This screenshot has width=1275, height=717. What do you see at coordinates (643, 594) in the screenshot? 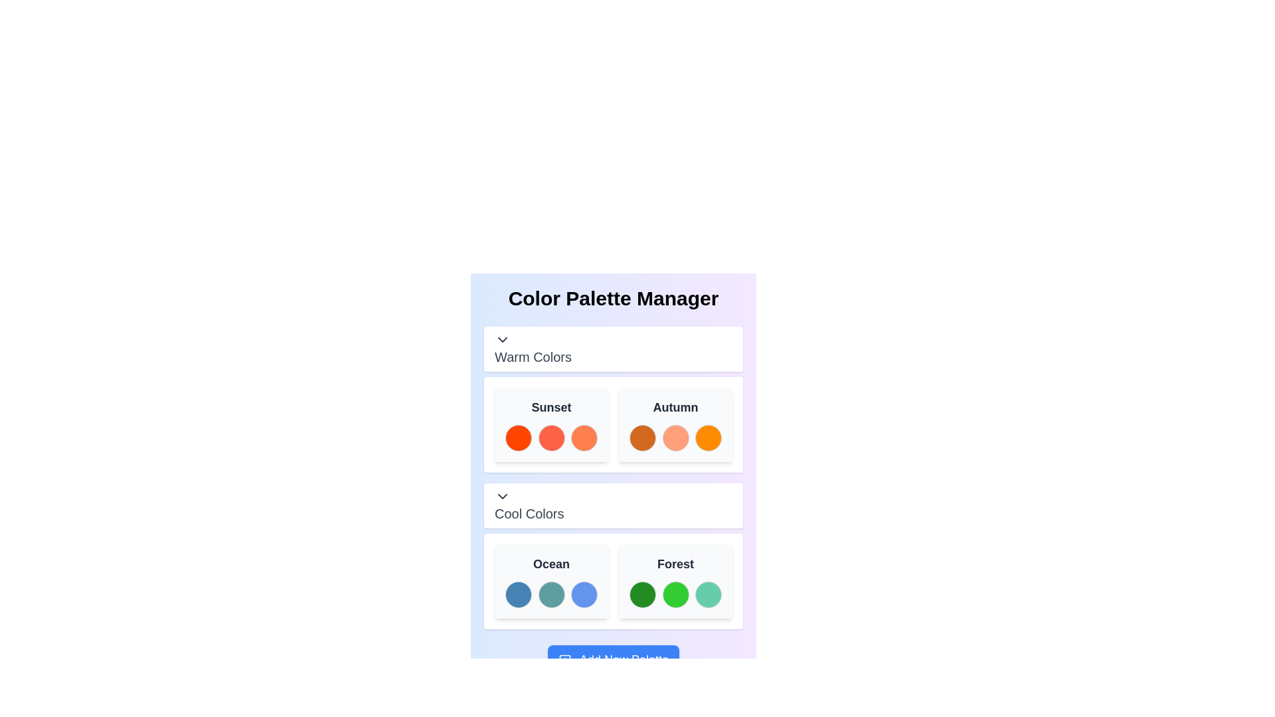
I see `the first color swatch representing a green tone in the 'Forest' palette category located in the lower section labeled 'Cool Colors'` at bounding box center [643, 594].